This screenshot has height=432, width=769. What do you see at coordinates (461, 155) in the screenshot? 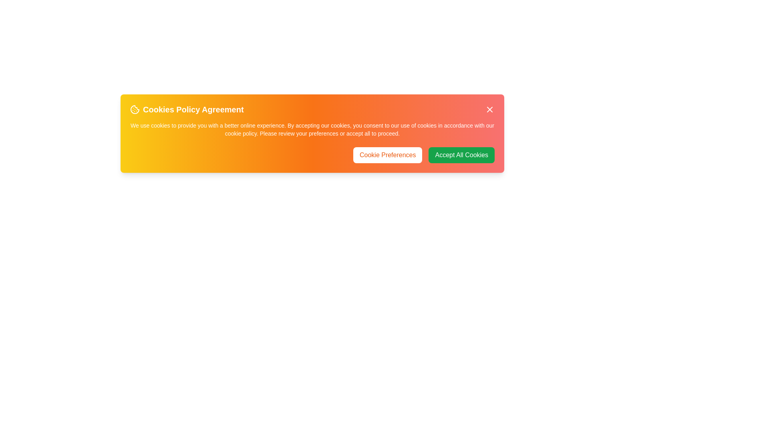
I see `the button located at the bottom-right corner of the modal window to confirm cookie consent, which is positioned to the right of the 'Cookie Preferences' button` at bounding box center [461, 155].